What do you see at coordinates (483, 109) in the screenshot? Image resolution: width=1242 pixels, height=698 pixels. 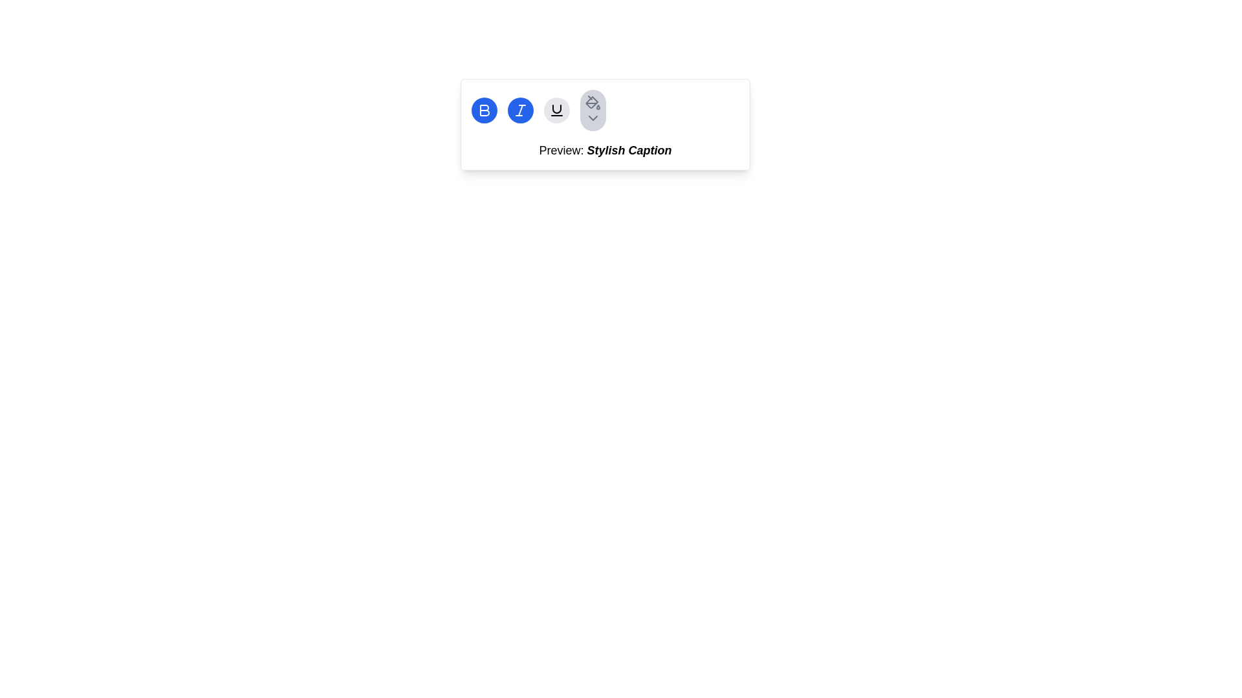 I see `the first formatting button representing the 'bold' action to apply bold style to the selected text` at bounding box center [483, 109].